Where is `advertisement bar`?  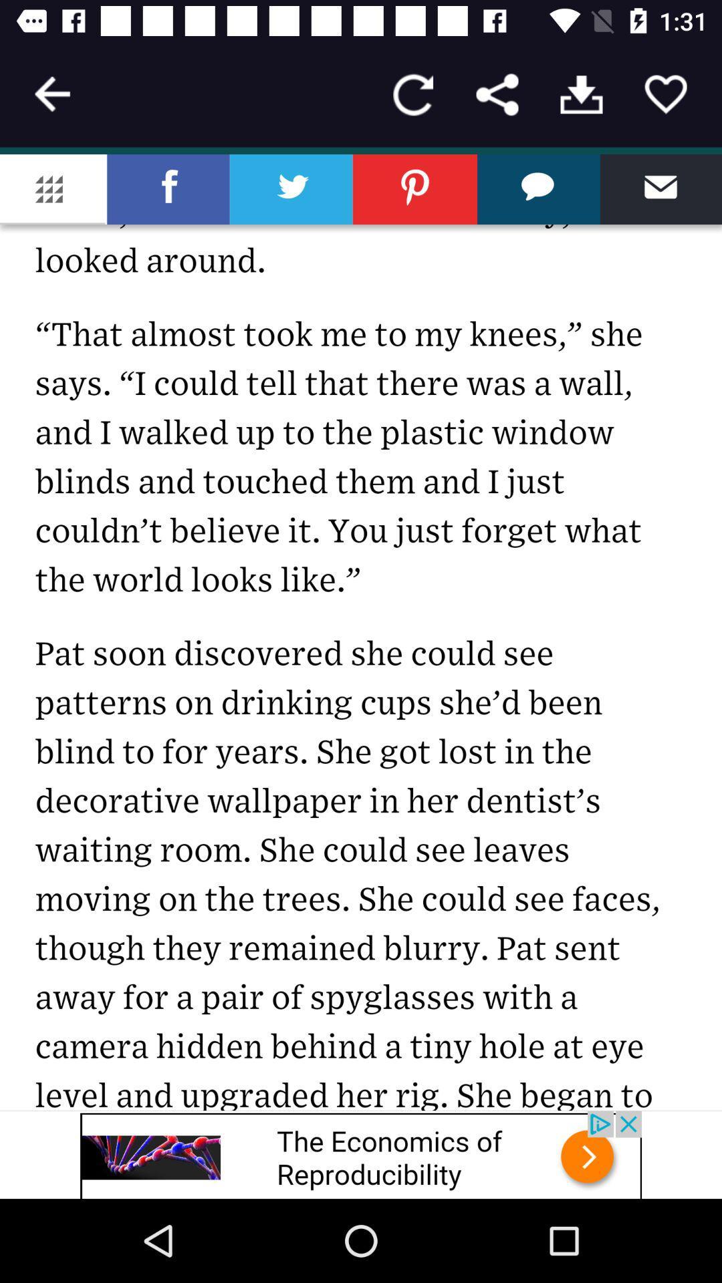
advertisement bar is located at coordinates (361, 1154).